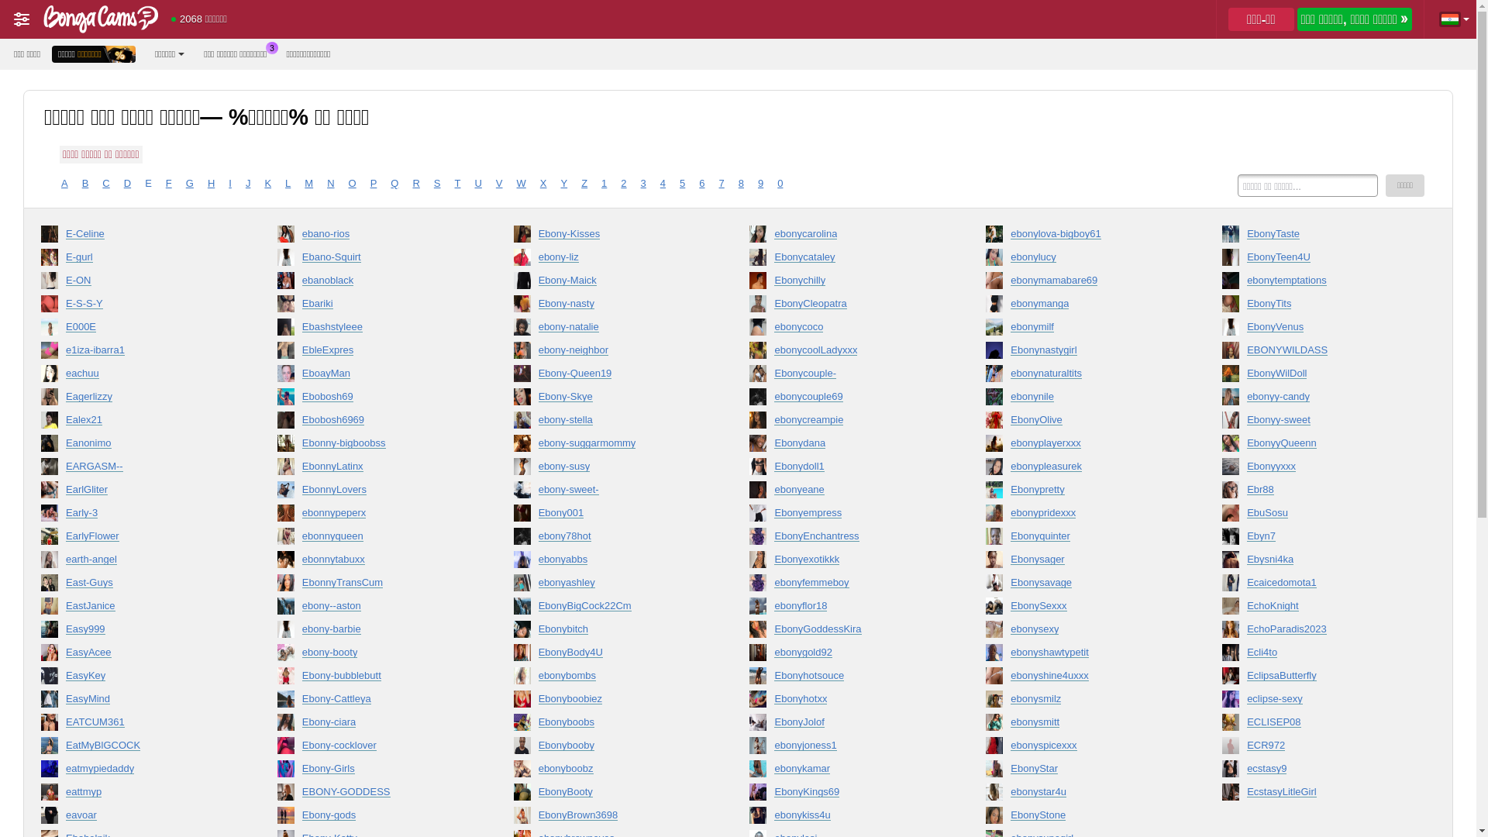 Image resolution: width=1488 pixels, height=837 pixels. What do you see at coordinates (1317, 725) in the screenshot?
I see `'ECLISEP08'` at bounding box center [1317, 725].